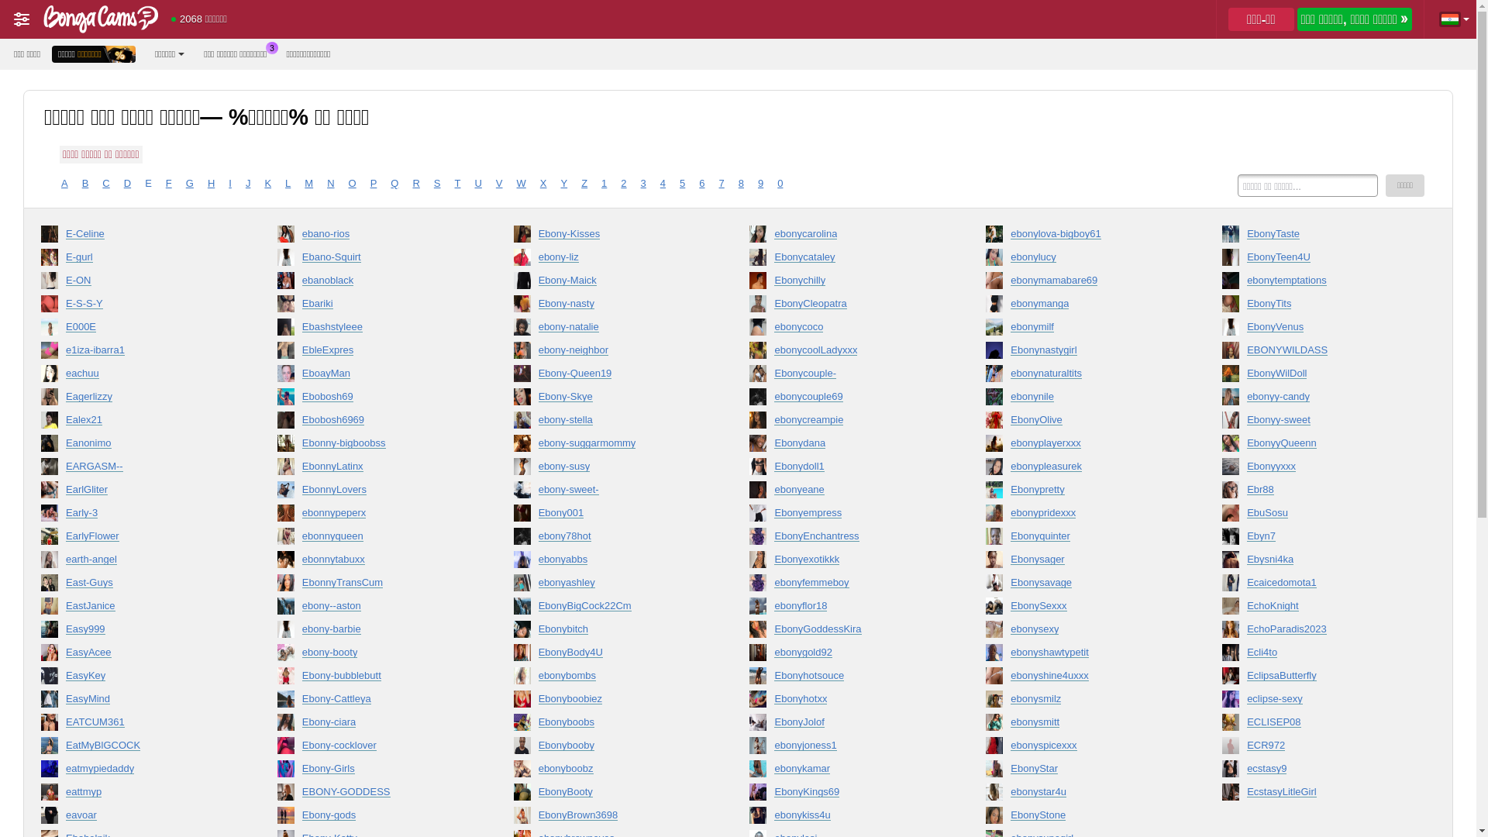 Image resolution: width=1488 pixels, height=837 pixels. What do you see at coordinates (1317, 725) in the screenshot?
I see `'ECLISEP08'` at bounding box center [1317, 725].